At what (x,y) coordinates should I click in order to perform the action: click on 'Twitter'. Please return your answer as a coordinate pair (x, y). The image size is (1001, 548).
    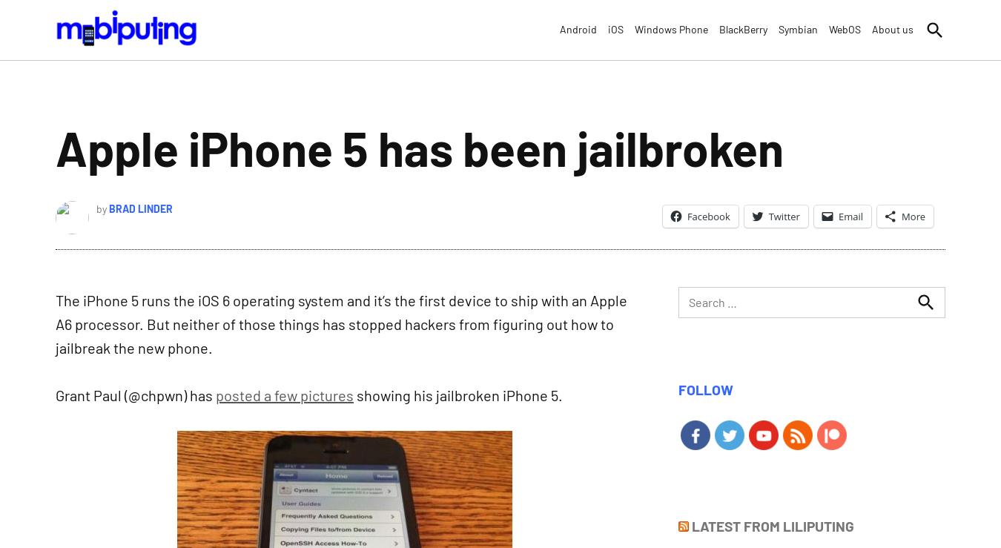
    Looking at the image, I should click on (784, 215).